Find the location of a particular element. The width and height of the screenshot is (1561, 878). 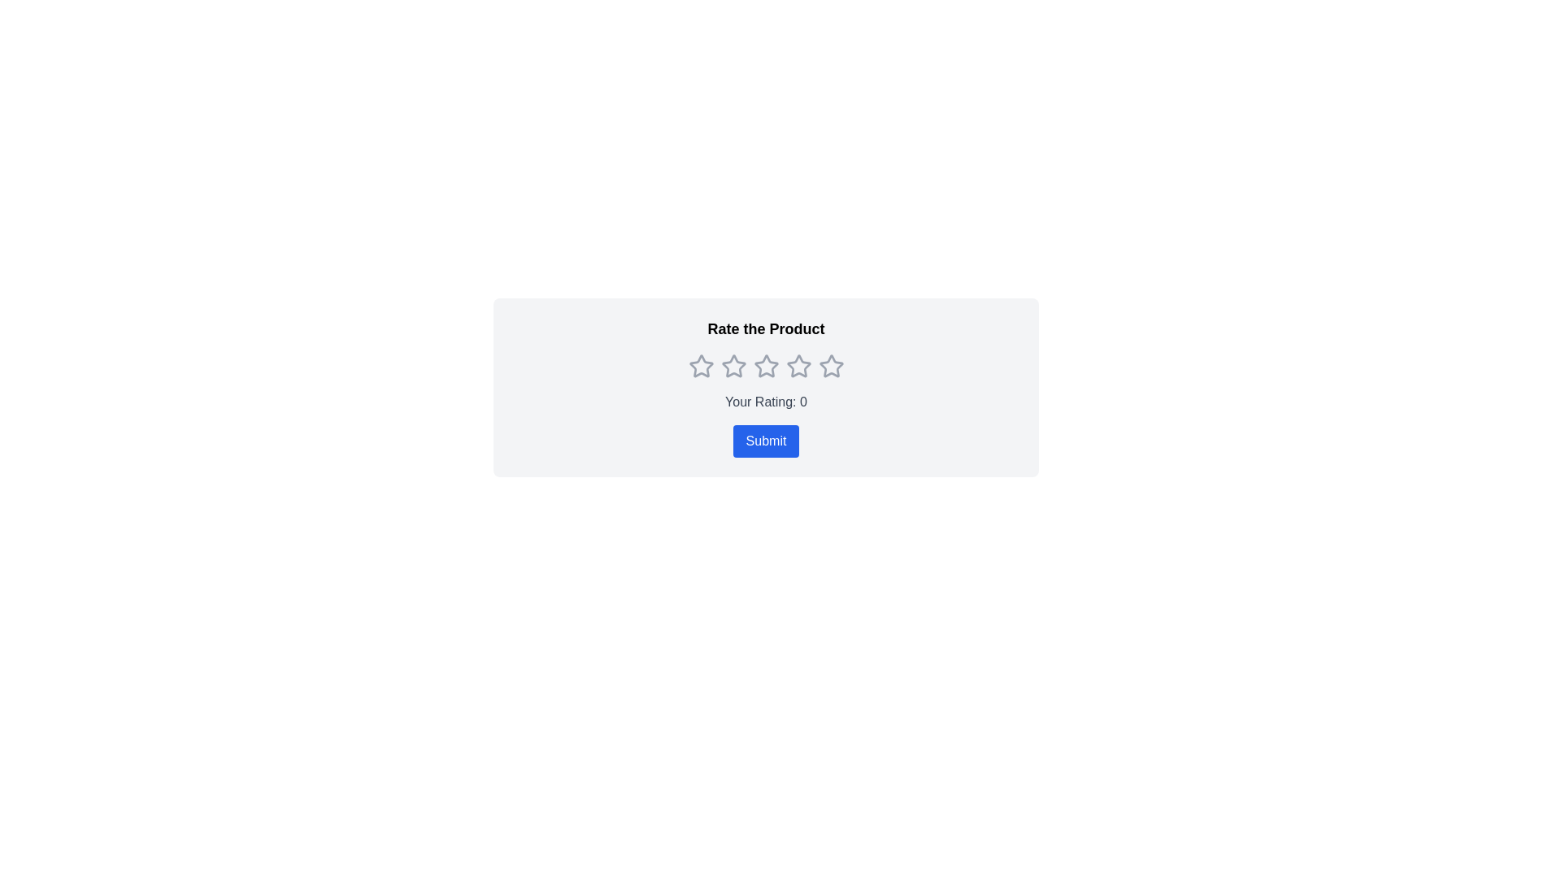

the third star icon in the row of five rating stars is located at coordinates (765, 367).